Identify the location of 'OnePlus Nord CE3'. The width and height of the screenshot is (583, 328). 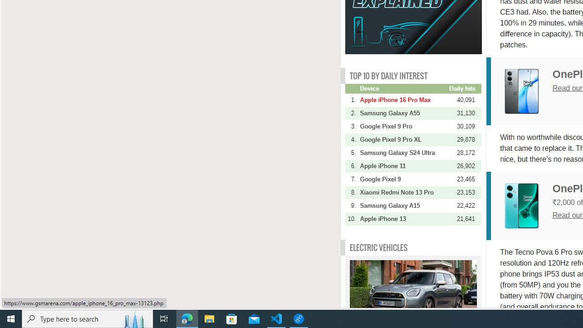
(522, 205).